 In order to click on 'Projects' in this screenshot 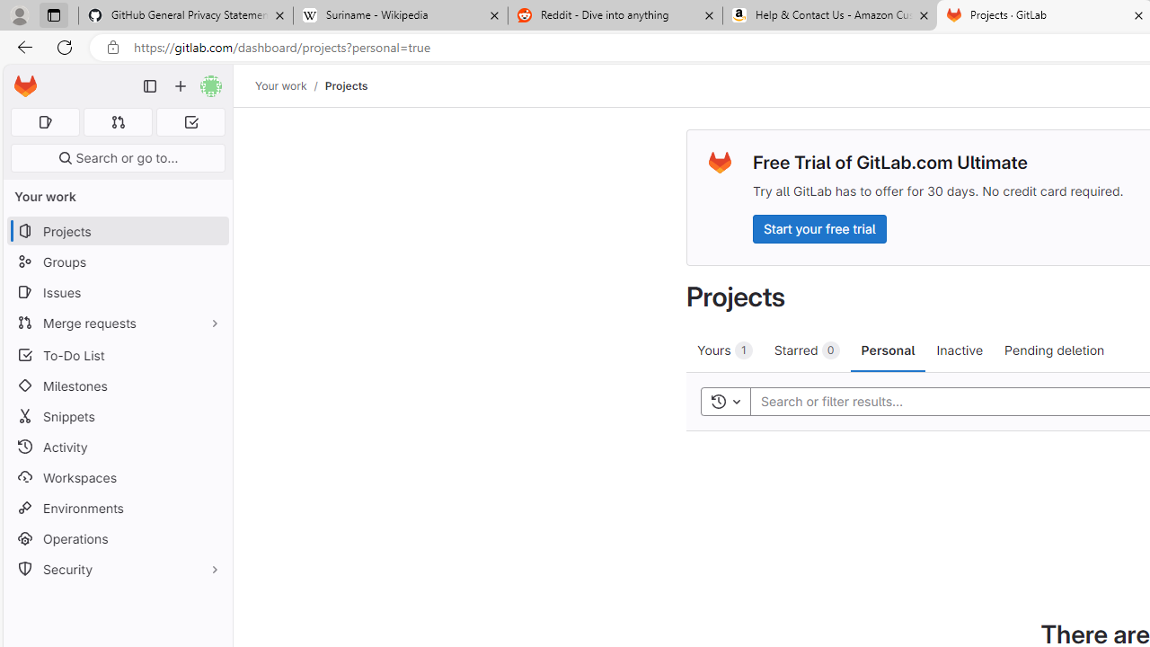, I will do `click(346, 85)`.